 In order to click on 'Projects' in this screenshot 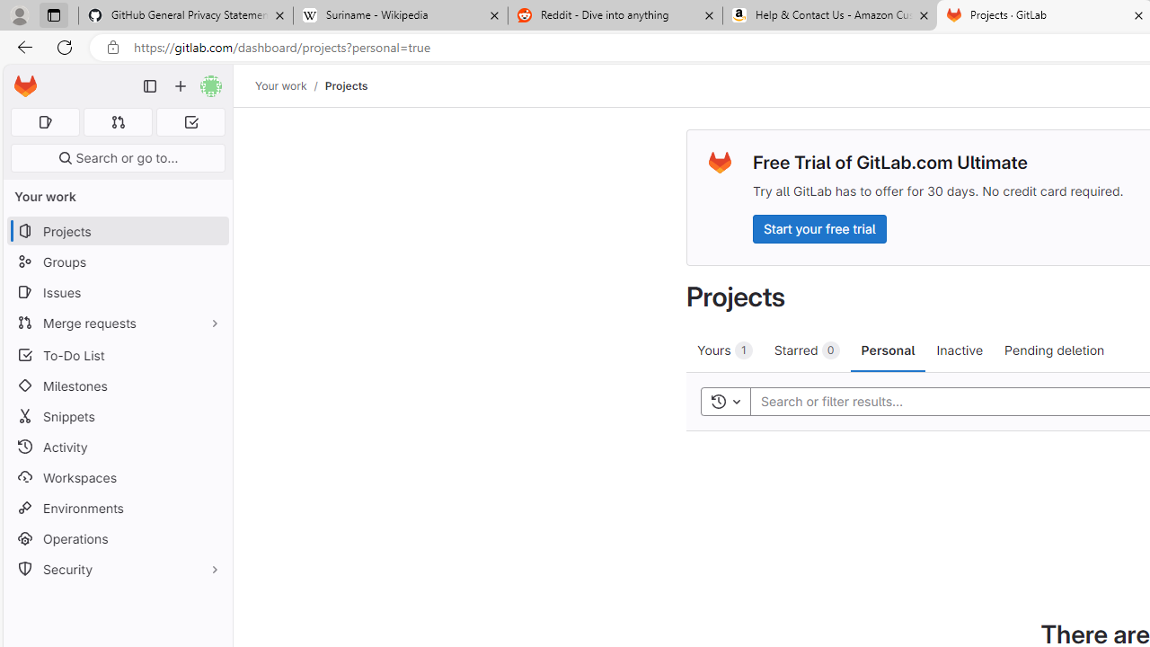, I will do `click(346, 85)`.